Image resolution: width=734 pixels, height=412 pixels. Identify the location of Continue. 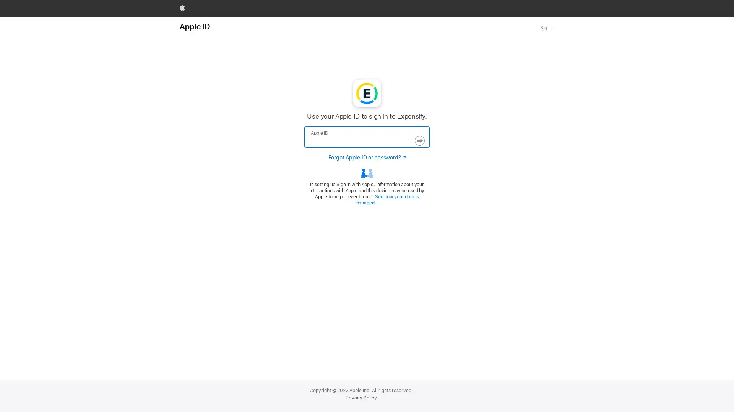
(419, 141).